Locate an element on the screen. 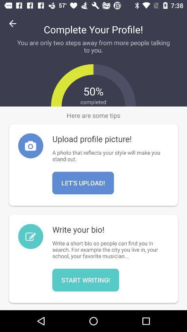  icon below a photo that is located at coordinates (83, 183).